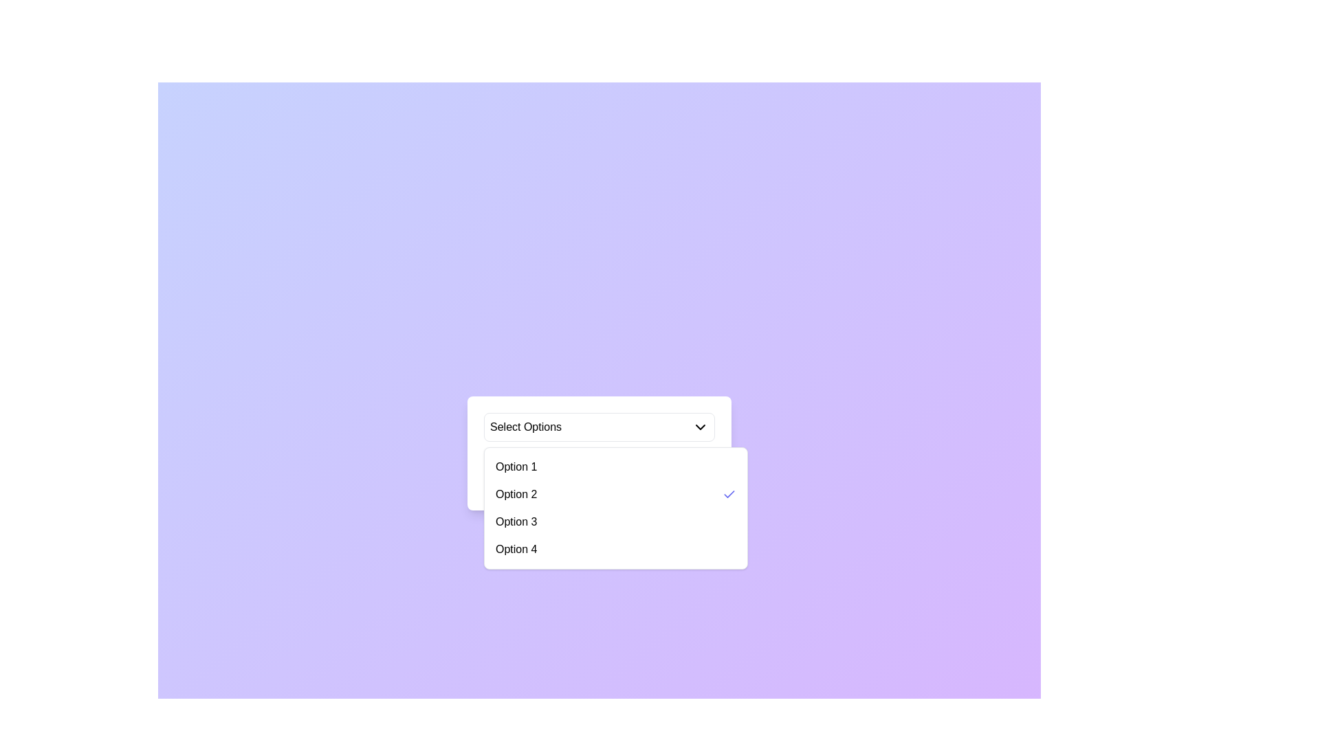 The image size is (1320, 742). I want to click on the 'Option 2' button in the dropdown menu, so click(509, 482).